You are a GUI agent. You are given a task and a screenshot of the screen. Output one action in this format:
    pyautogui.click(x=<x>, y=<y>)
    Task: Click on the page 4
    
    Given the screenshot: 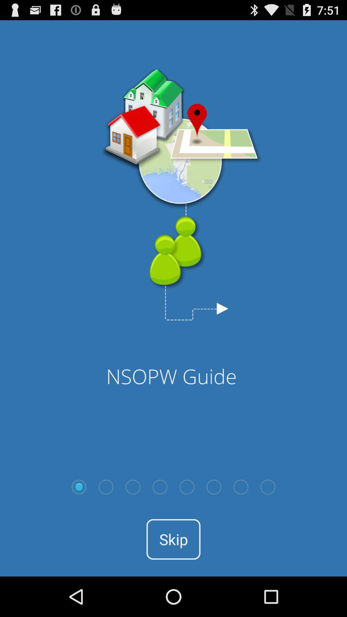 What is the action you would take?
    pyautogui.click(x=159, y=487)
    